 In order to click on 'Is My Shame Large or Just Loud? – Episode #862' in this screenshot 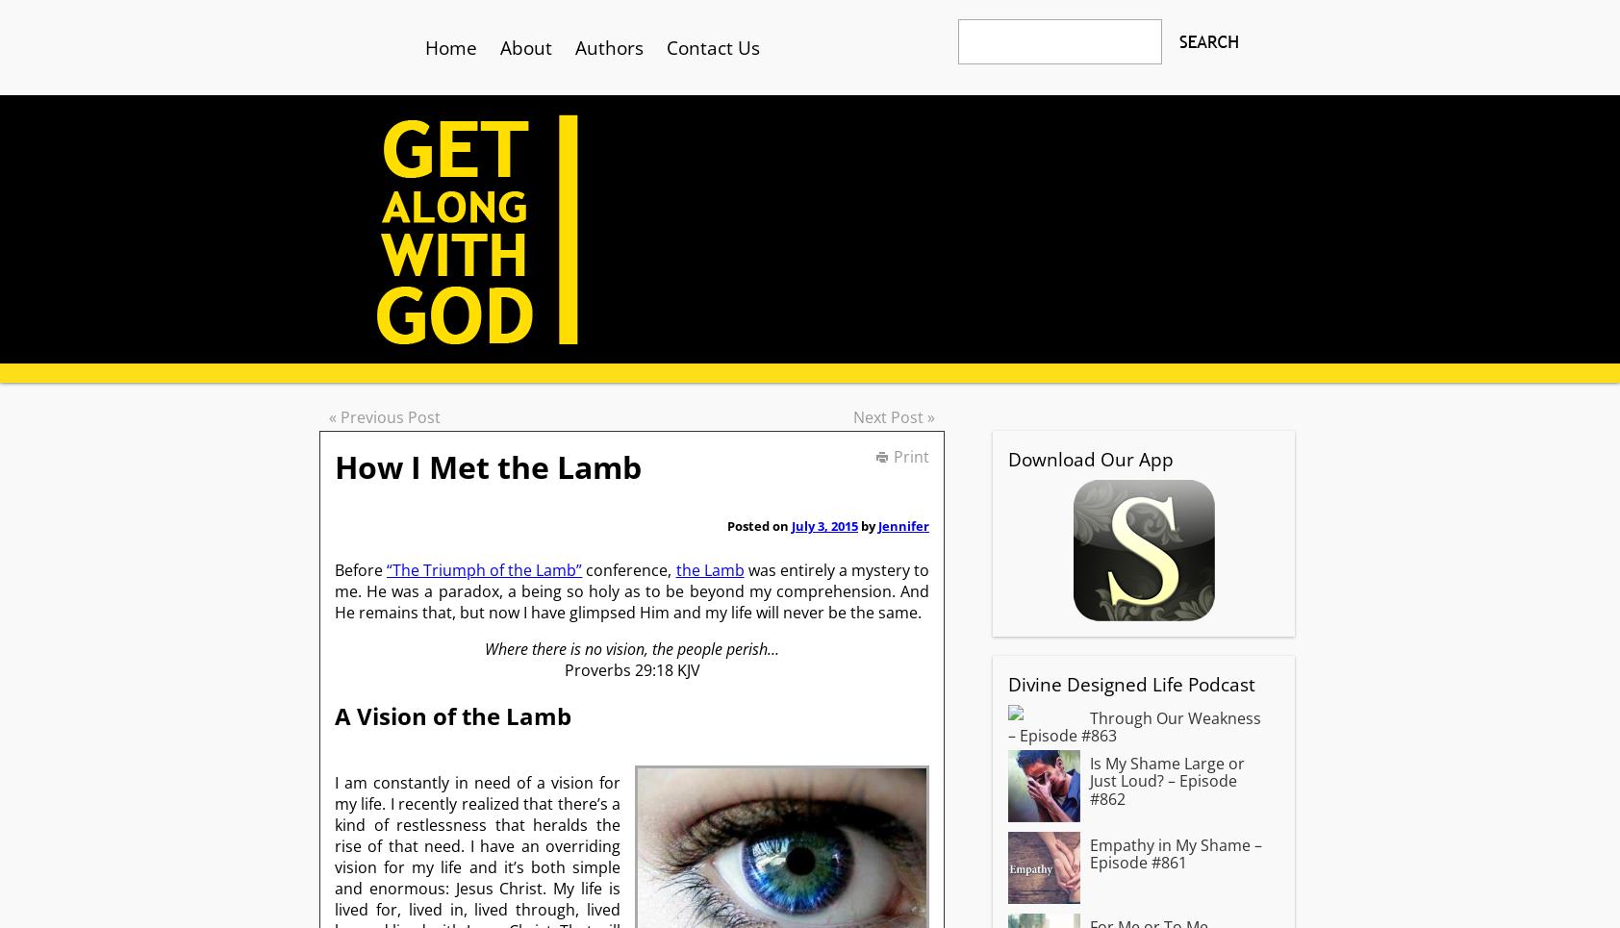, I will do `click(1167, 780)`.